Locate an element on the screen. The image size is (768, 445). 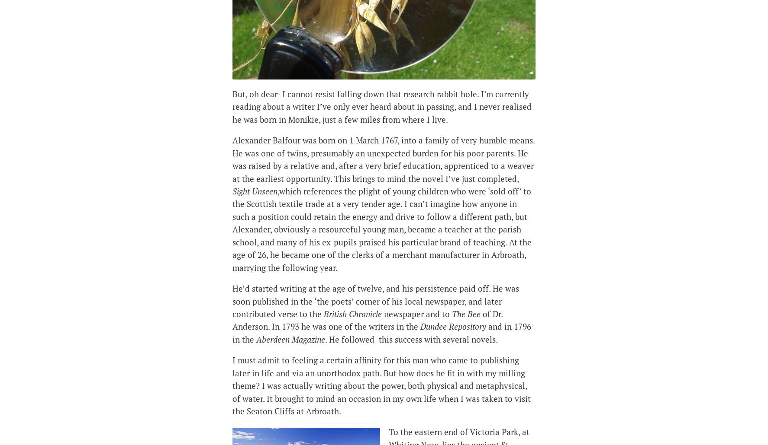
'. He followed  this success with several novels.' is located at coordinates (324, 338).